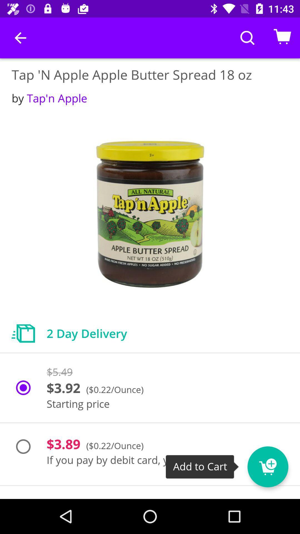 The width and height of the screenshot is (300, 534). I want to click on icon below tap n apple icon, so click(49, 98).